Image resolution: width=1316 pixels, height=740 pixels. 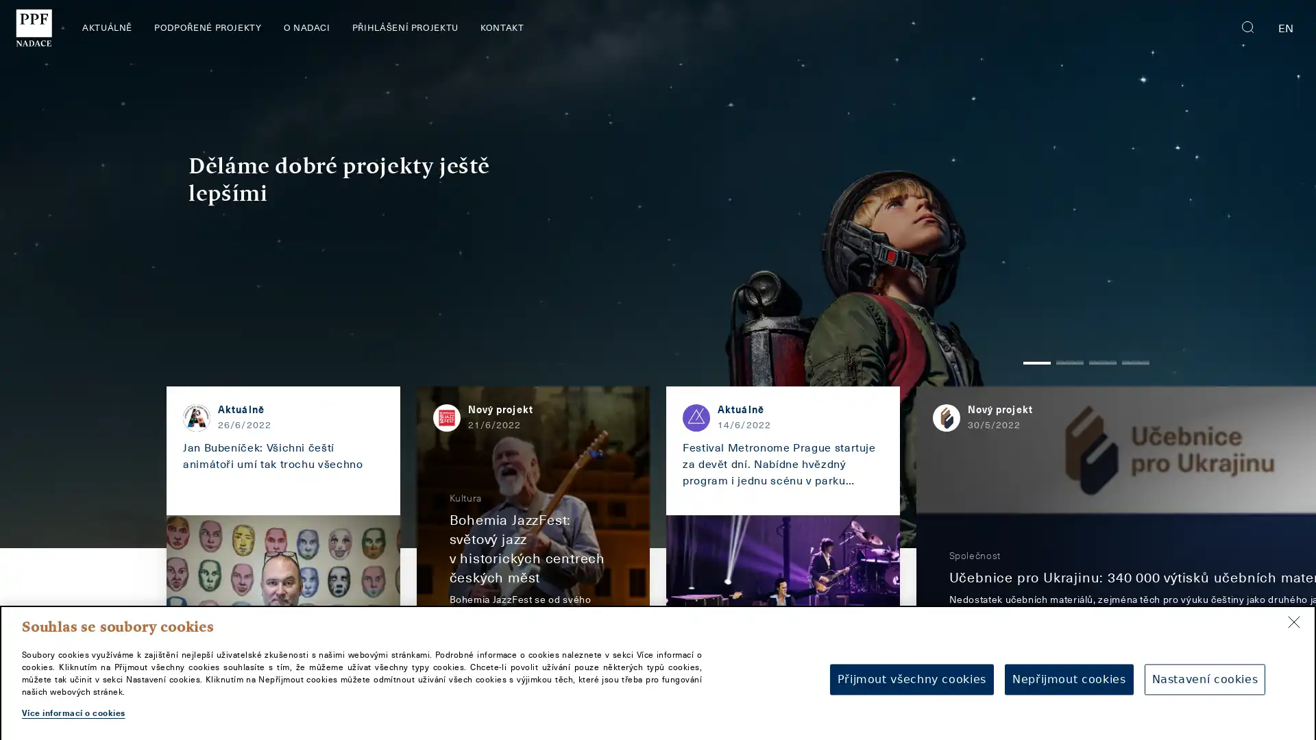 What do you see at coordinates (1068, 670) in the screenshot?
I see `Neprijmout cookies` at bounding box center [1068, 670].